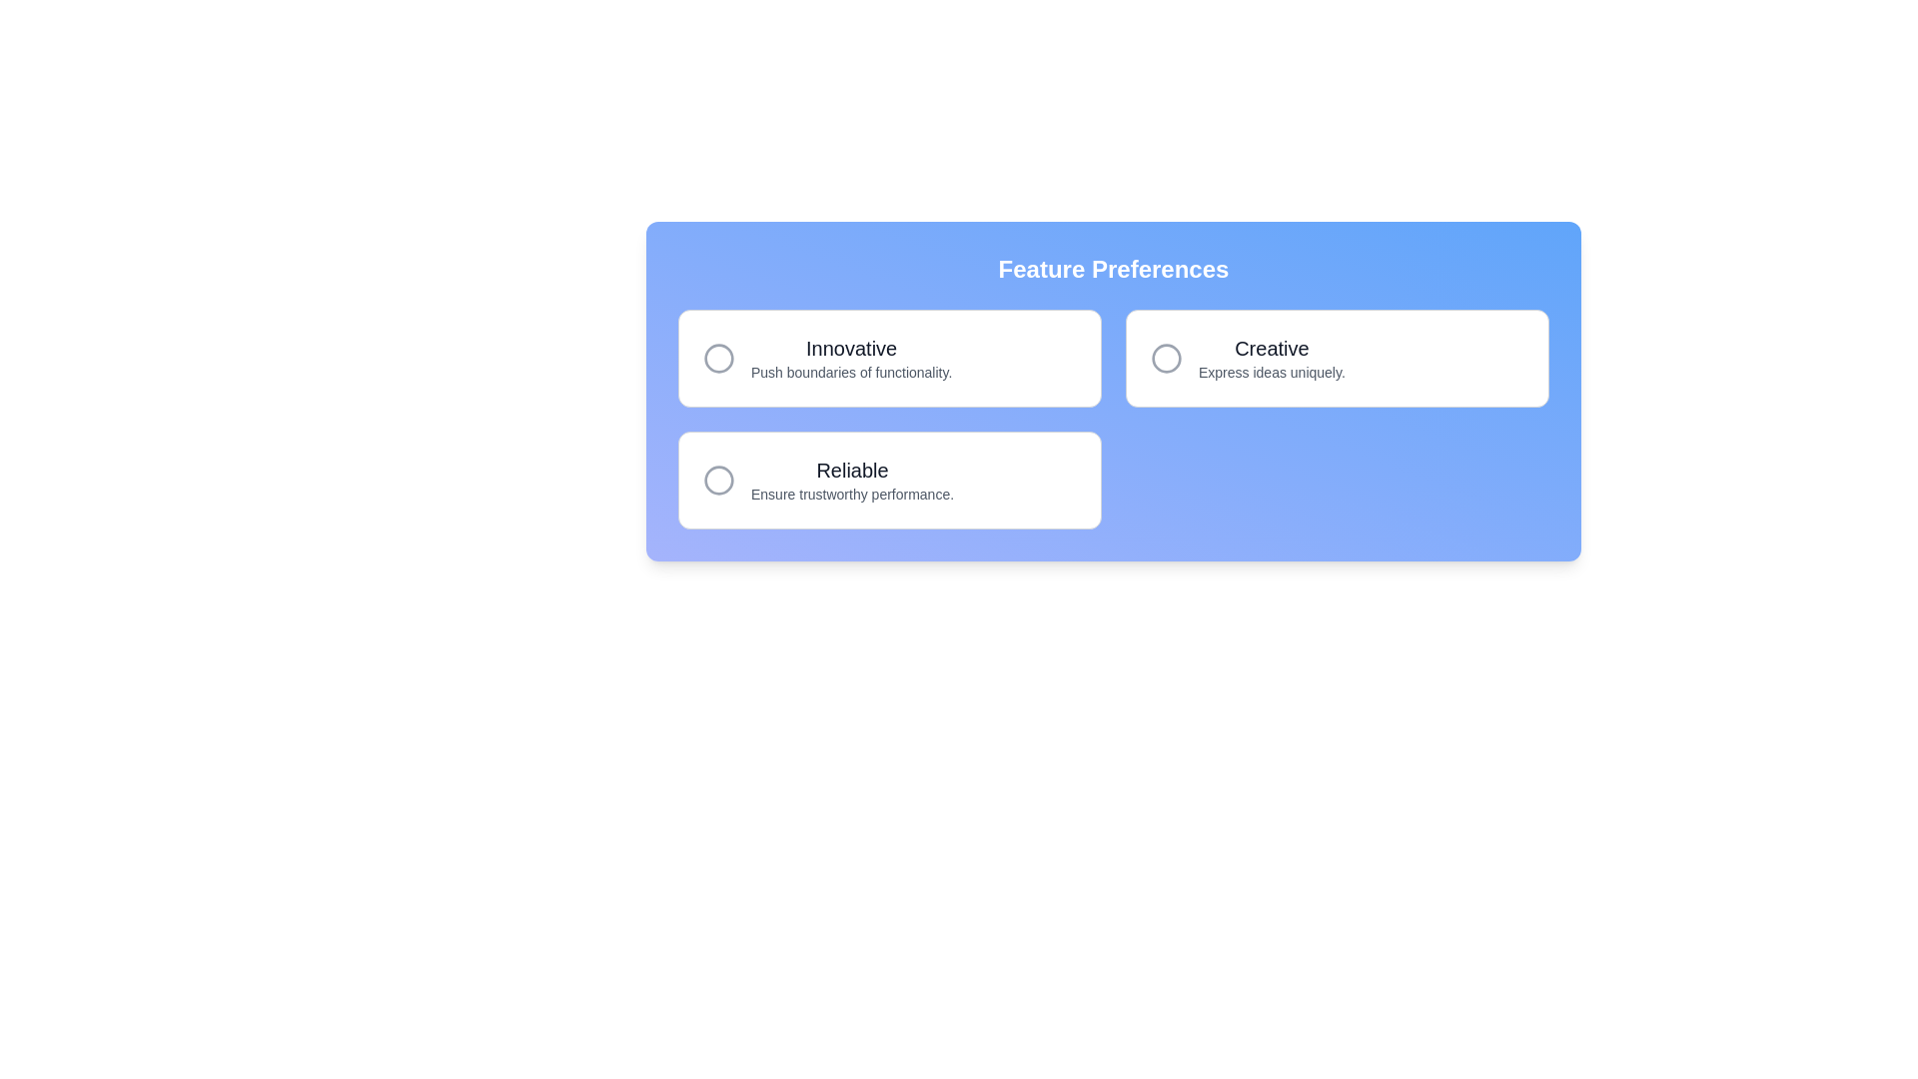 This screenshot has width=1918, height=1079. Describe the element at coordinates (719, 357) in the screenshot. I see `the graphical circle, which serves as a non-interactive visual marker within the 'Innovative' feature preference card located in the top-left corner` at that location.